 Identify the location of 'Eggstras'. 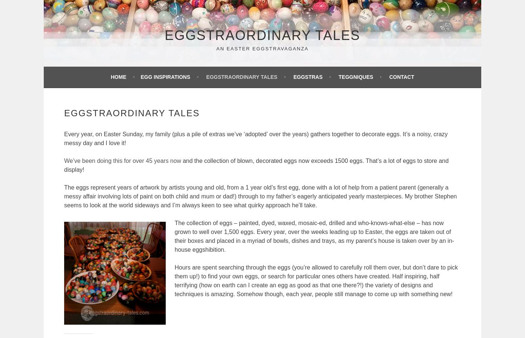
(308, 76).